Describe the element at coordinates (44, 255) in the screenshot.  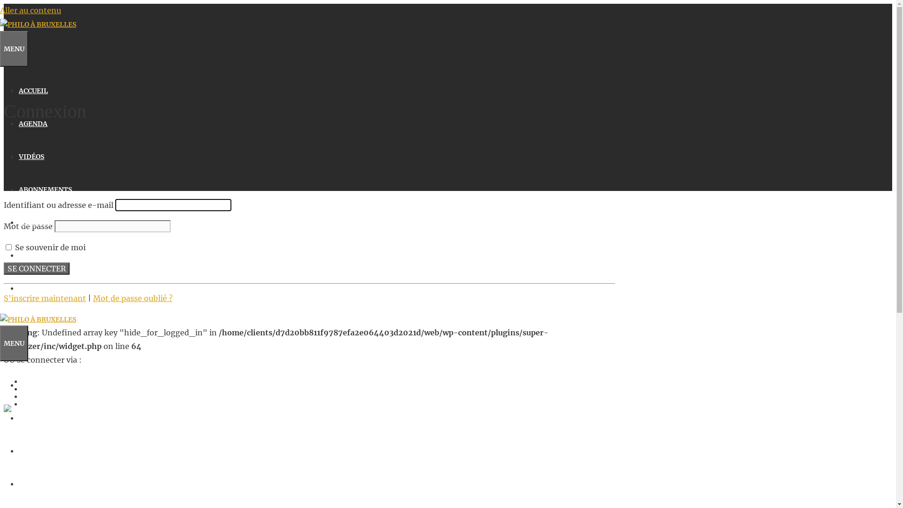
I see `'SE CONNECTER'` at that location.